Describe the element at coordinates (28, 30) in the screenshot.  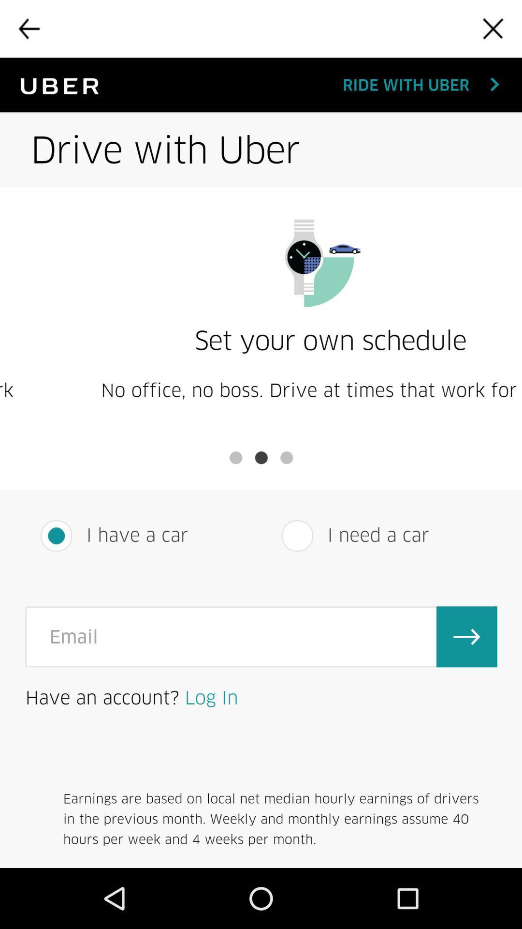
I see `the arrow_backward icon` at that location.